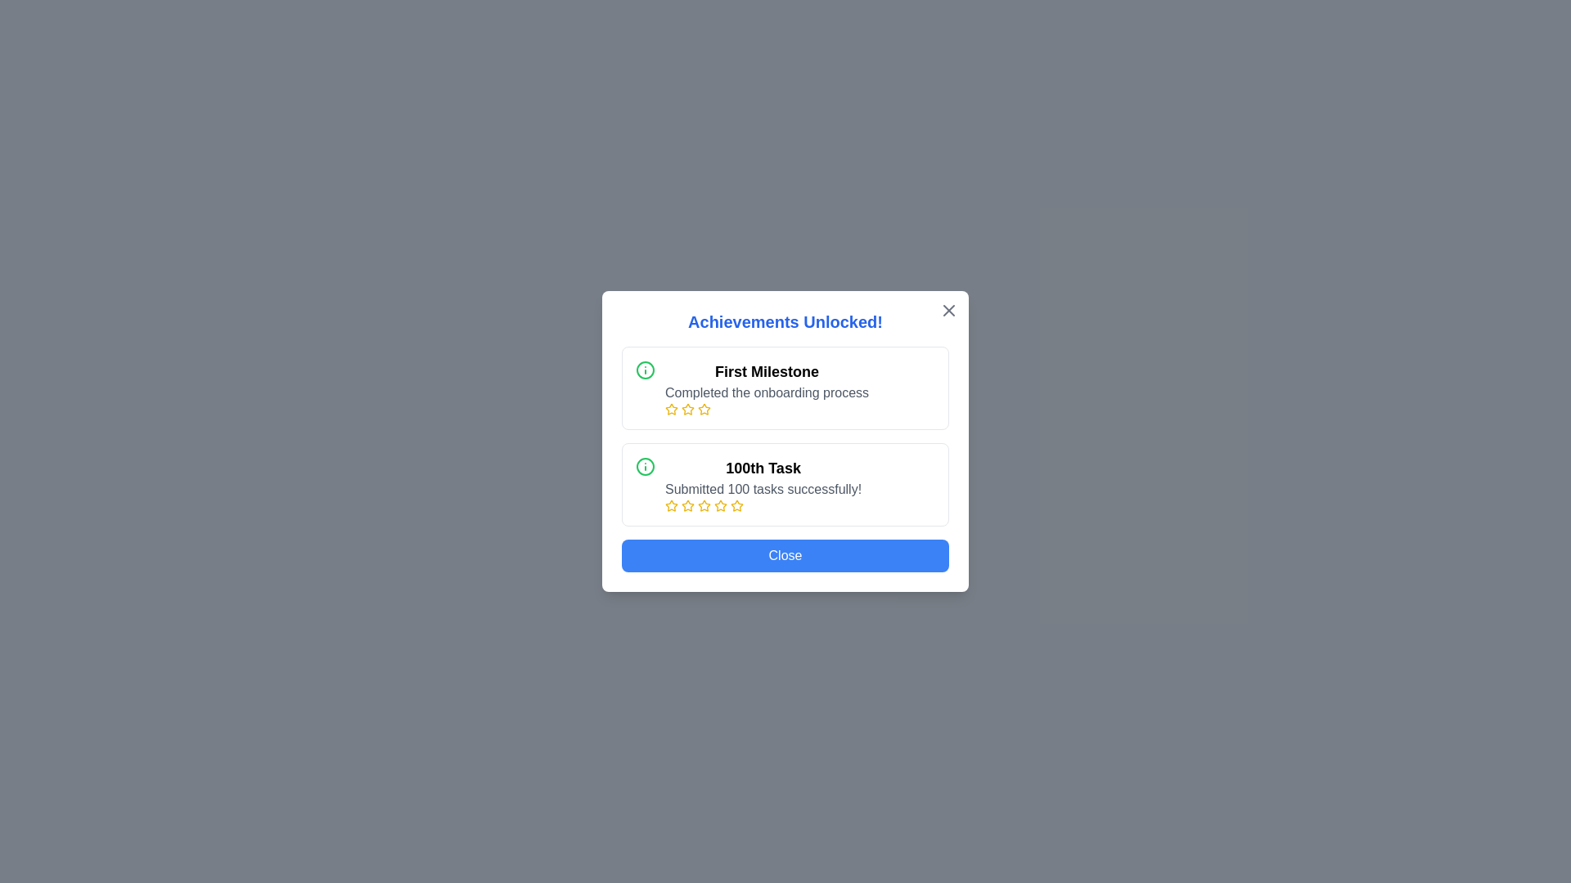 This screenshot has width=1571, height=883. Describe the element at coordinates (736, 504) in the screenshot. I see `the yellow star icon, which is the eighth star in the horizontal arrangement of nine stars under the '100th Task' section, to interact with it` at that location.